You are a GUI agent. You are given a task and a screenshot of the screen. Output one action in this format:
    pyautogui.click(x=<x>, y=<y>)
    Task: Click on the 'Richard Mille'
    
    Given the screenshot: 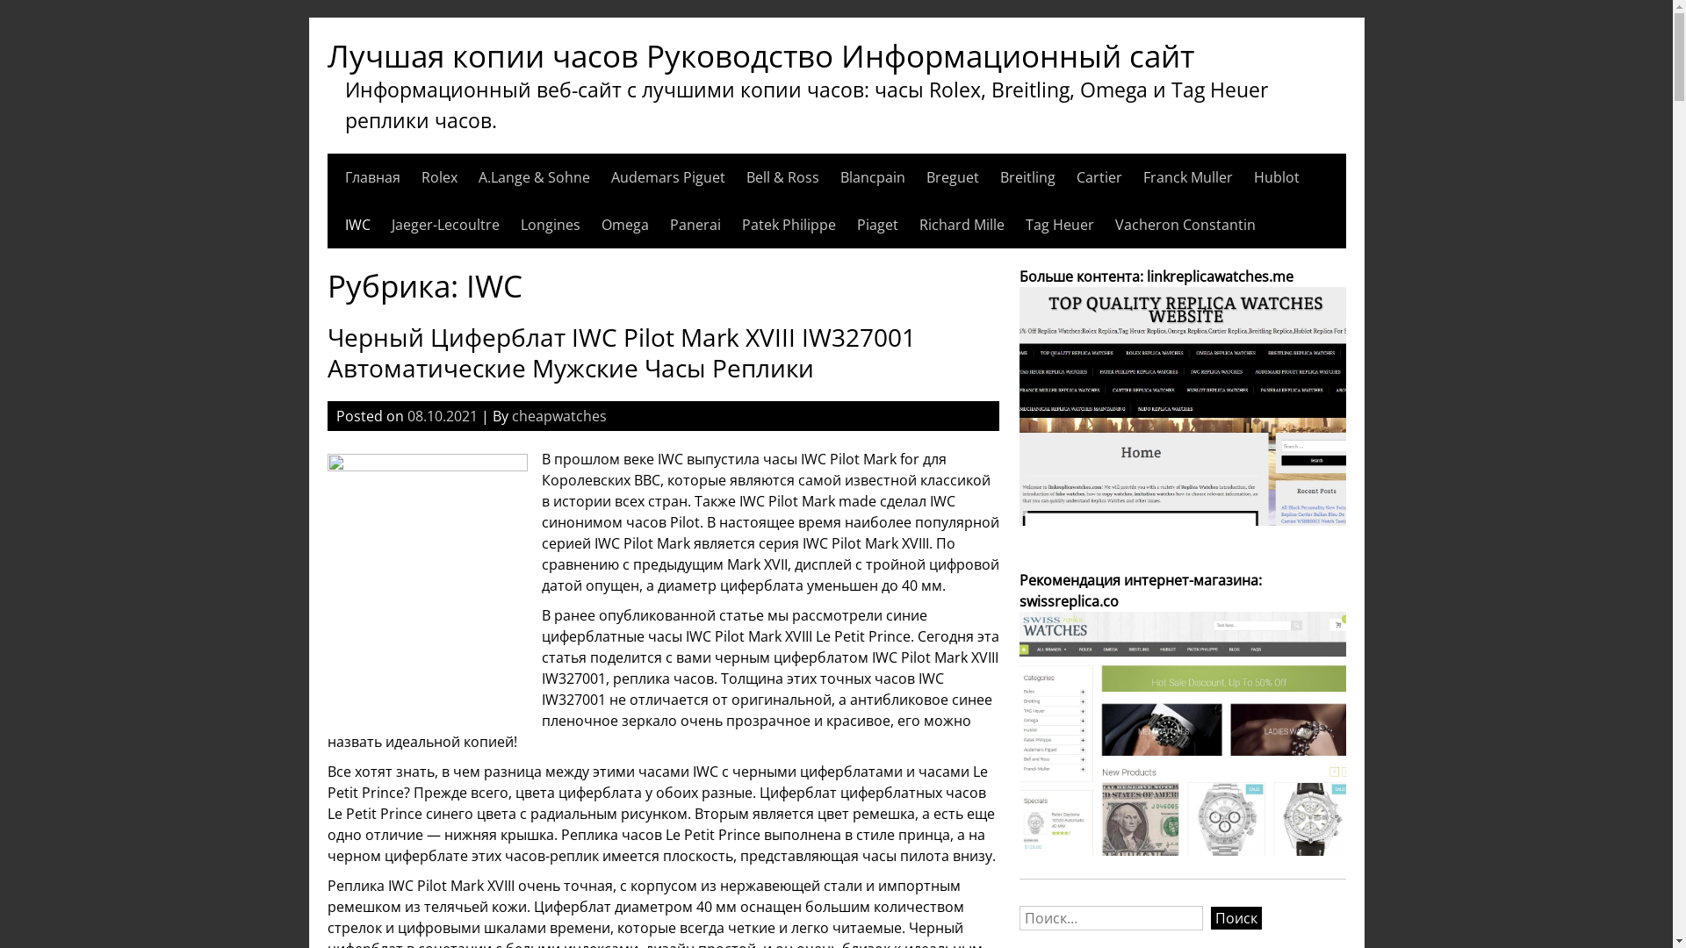 What is the action you would take?
    pyautogui.click(x=960, y=223)
    